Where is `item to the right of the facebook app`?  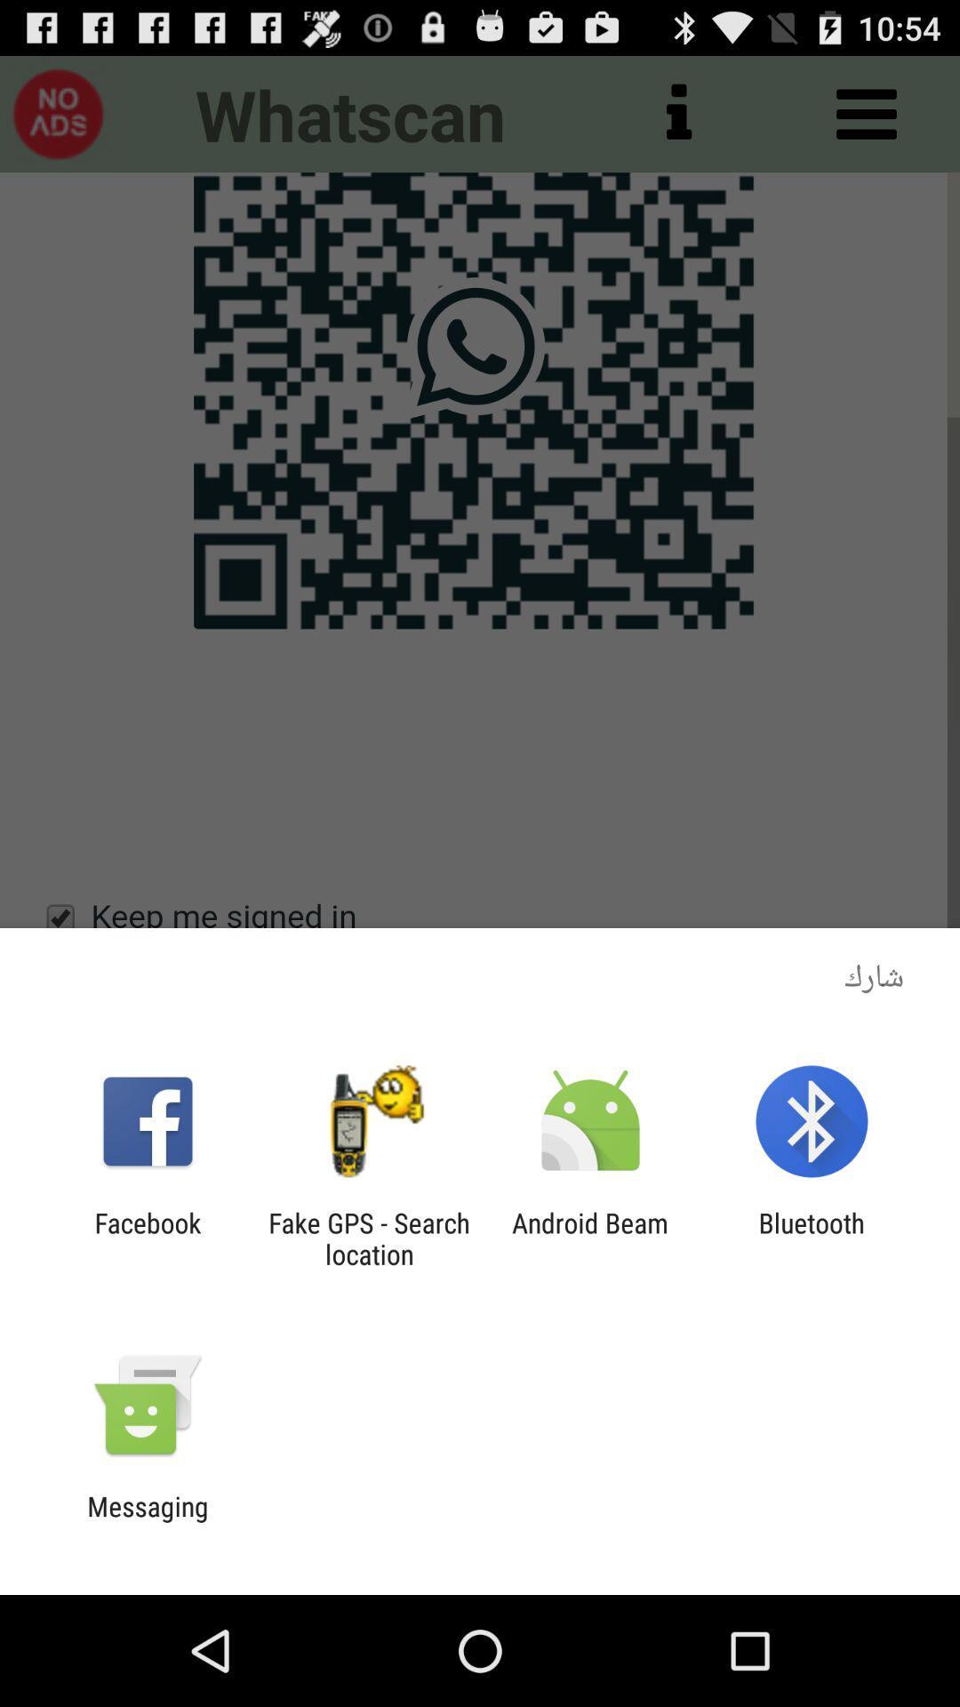 item to the right of the facebook app is located at coordinates (368, 1238).